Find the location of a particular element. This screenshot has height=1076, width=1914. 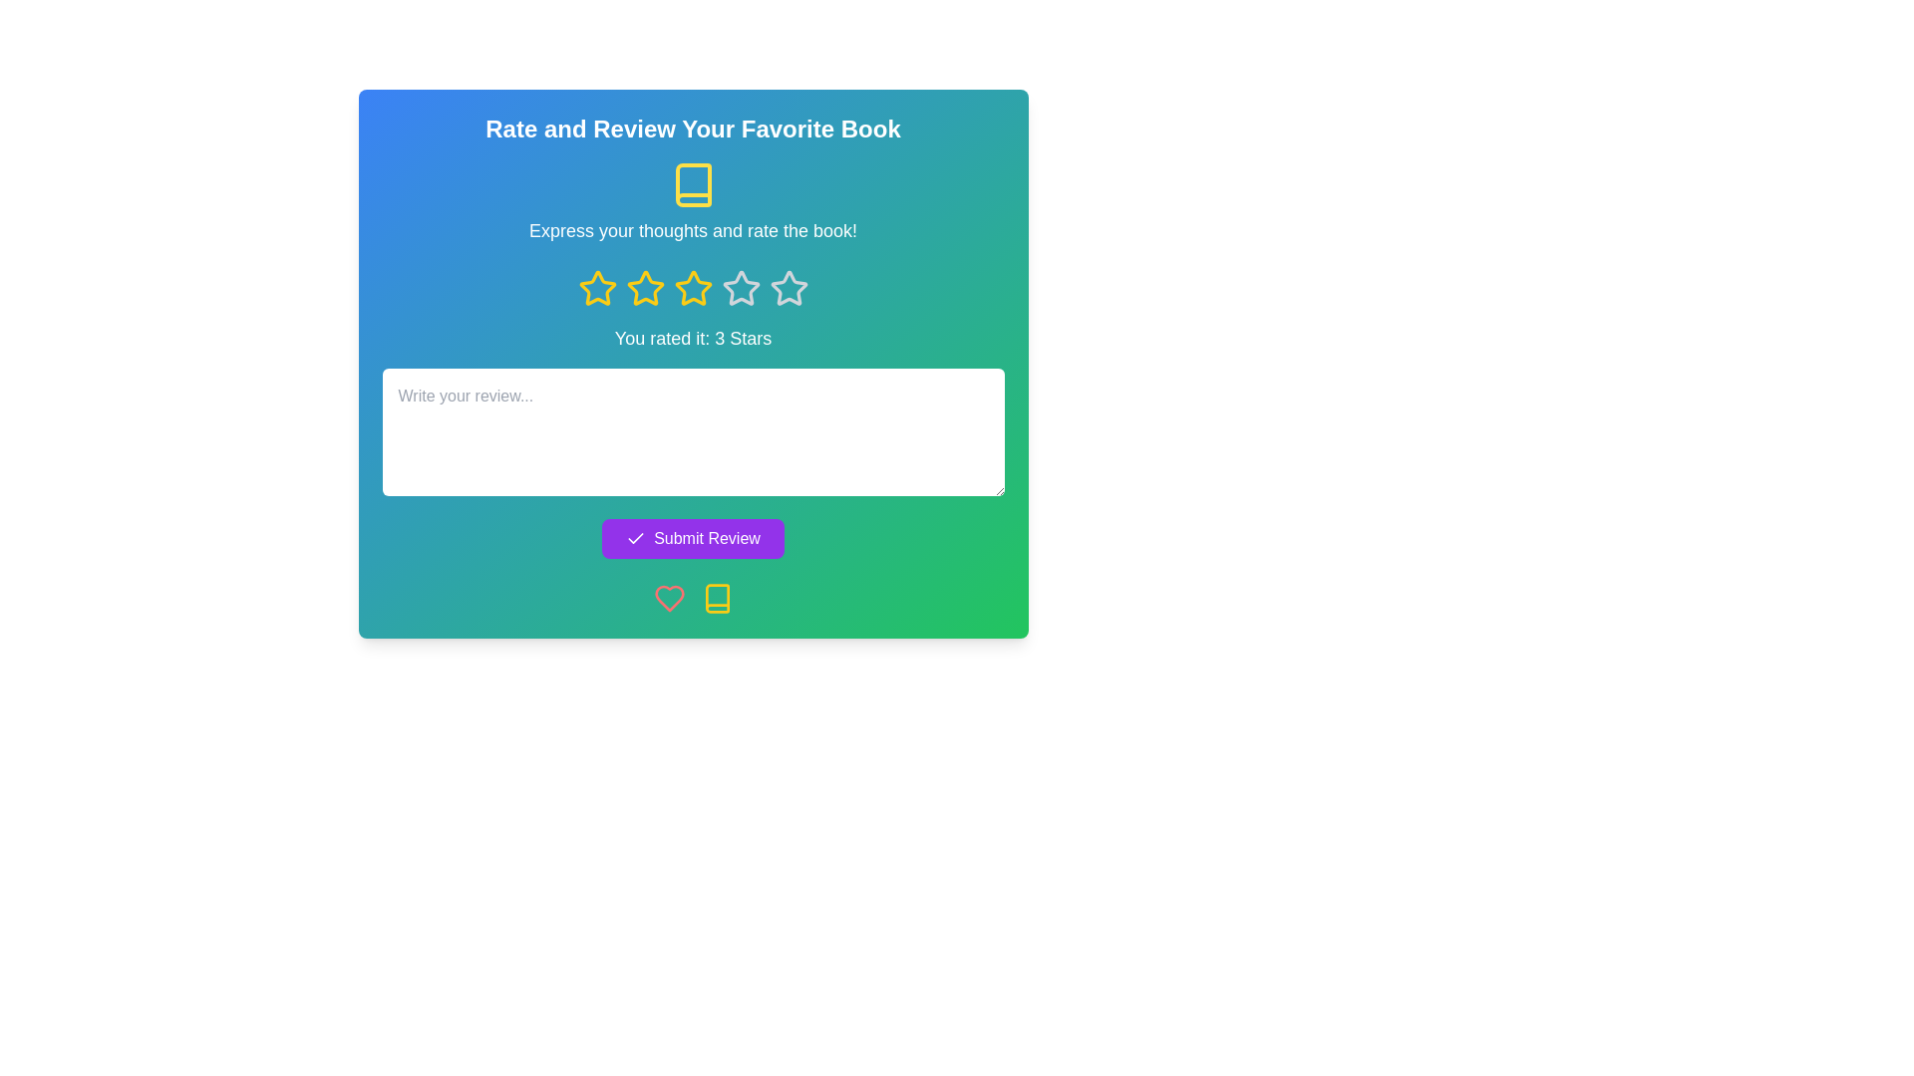

the heart icon located under the 'Submit Review' button to favorite the content is located at coordinates (669, 598).